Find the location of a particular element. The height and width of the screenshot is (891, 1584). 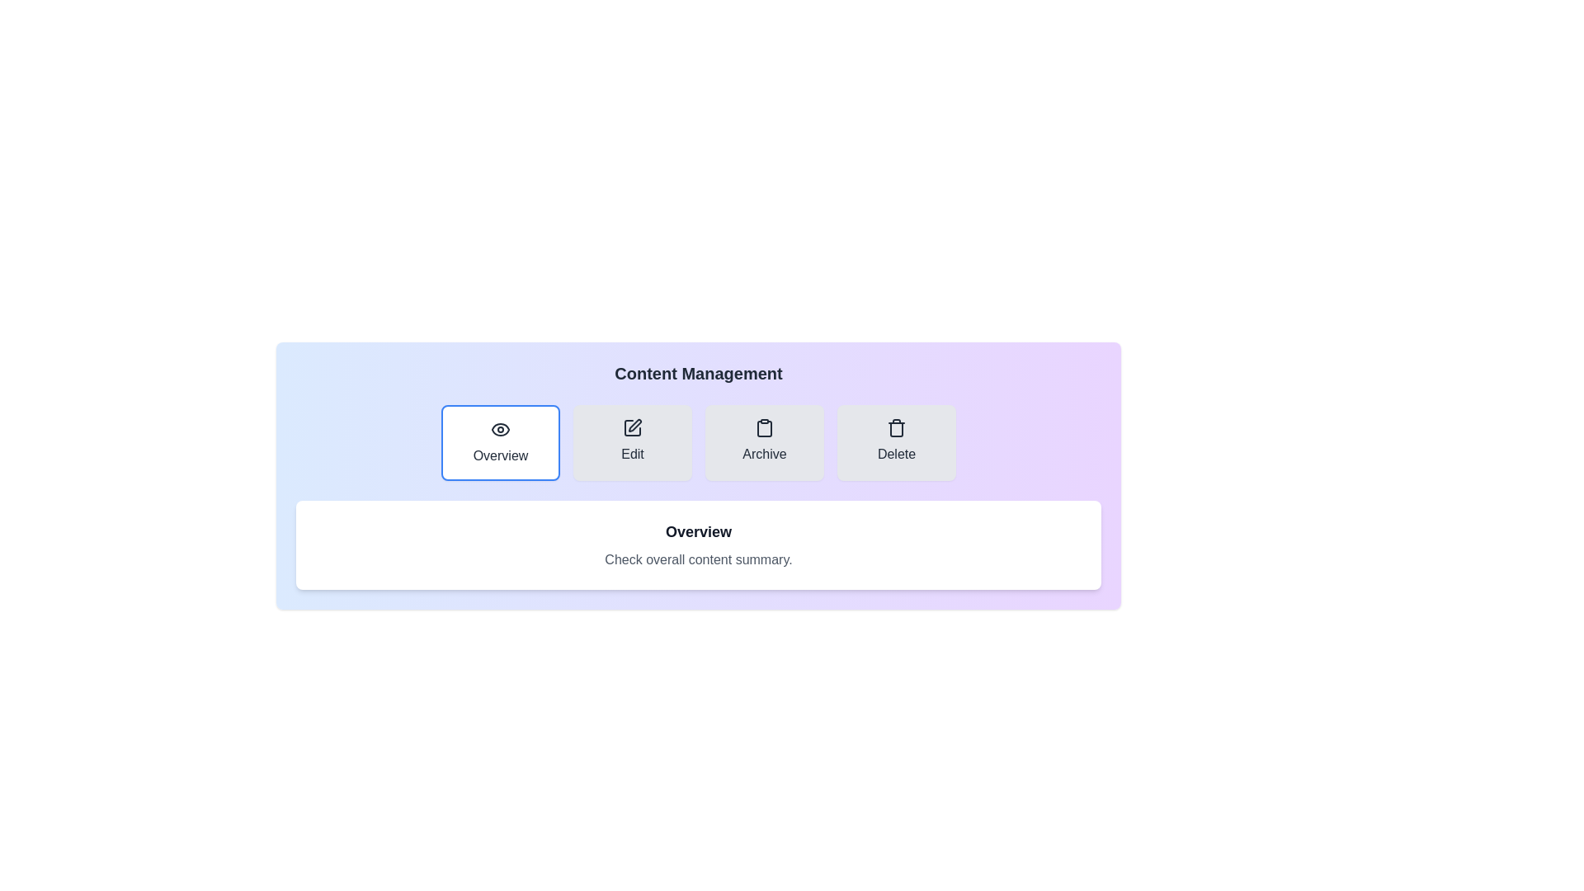

the tab labeled Edit to preview its interaction effect is located at coordinates (632, 441).